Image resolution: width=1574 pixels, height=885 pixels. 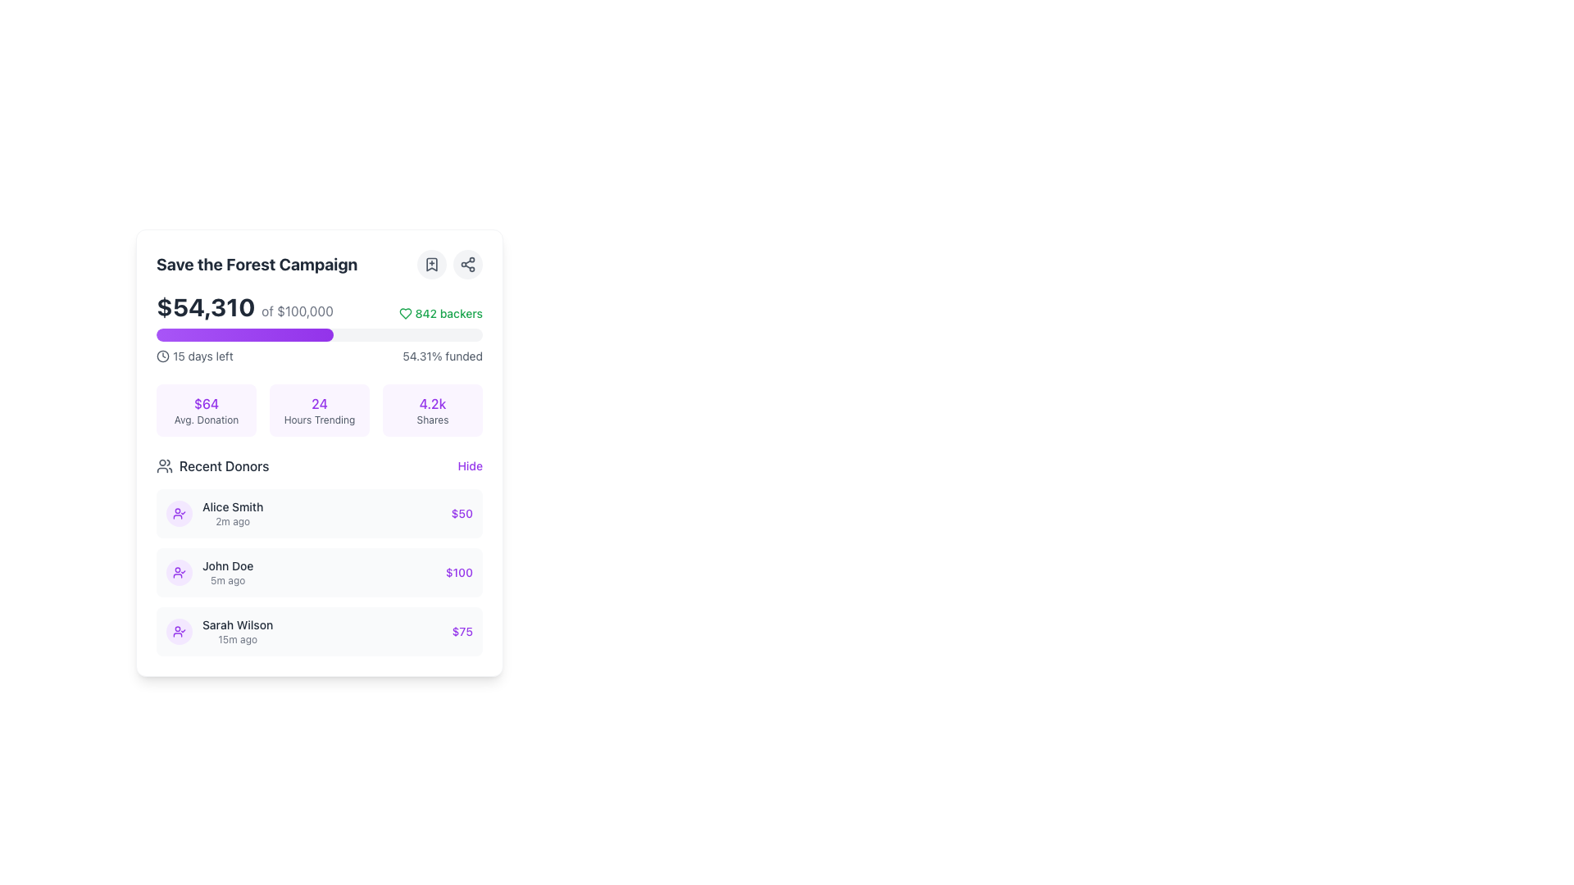 What do you see at coordinates (319, 631) in the screenshot?
I see `donation amount displayed in the third list item of the card component, which shows details about a specific donation` at bounding box center [319, 631].